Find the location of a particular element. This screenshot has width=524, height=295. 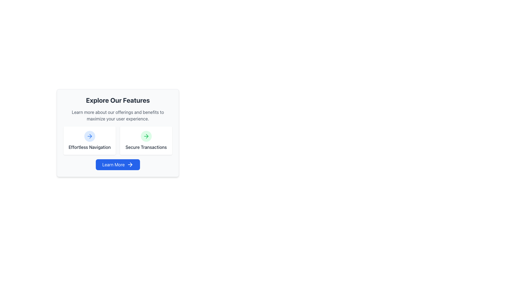

the descriptive text block styled in light gray, positioned below the headline 'Explore Our Features' and above the features 'Effortless Navigation' and 'Secure Transactions' is located at coordinates (118, 115).